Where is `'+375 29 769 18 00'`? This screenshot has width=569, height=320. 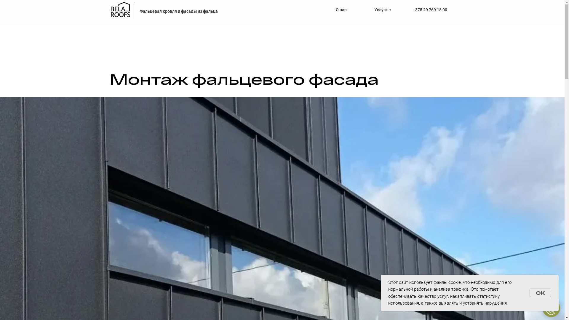 '+375 29 769 18 00' is located at coordinates (429, 10).